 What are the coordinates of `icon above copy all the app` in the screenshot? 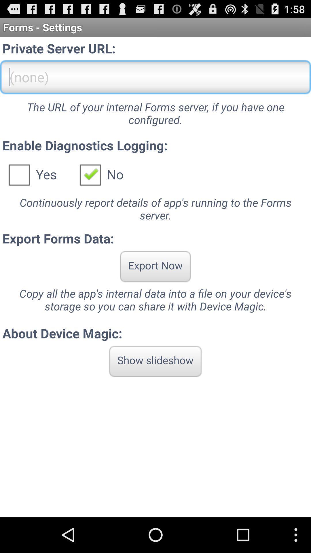 It's located at (155, 266).